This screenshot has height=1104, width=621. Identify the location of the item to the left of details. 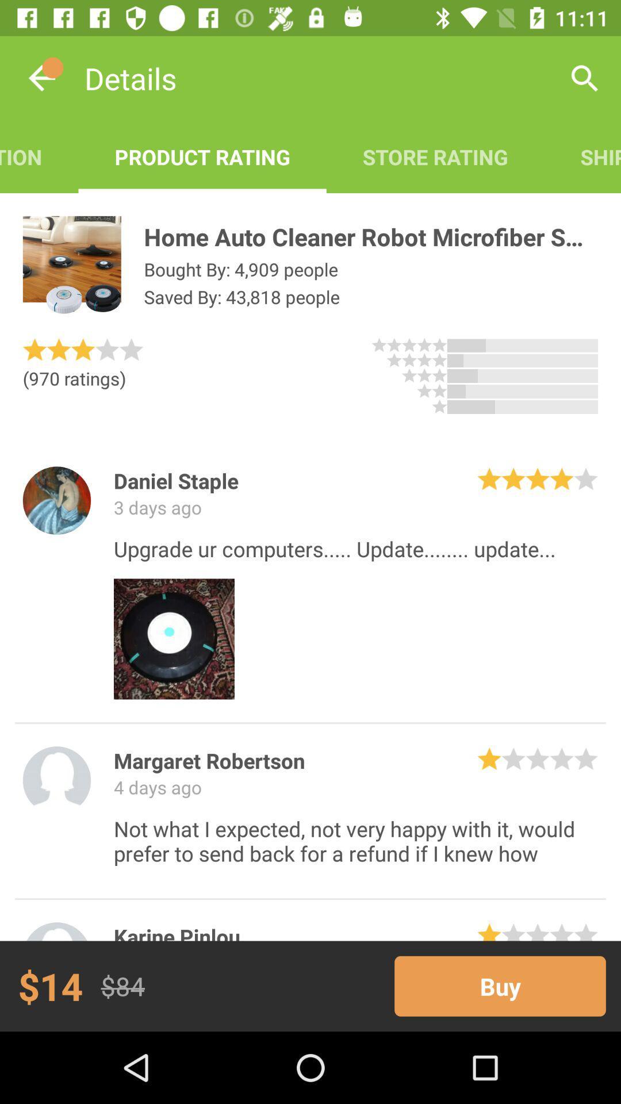
(41, 78).